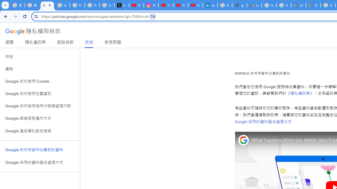  What do you see at coordinates (36, 16) in the screenshot?
I see `'View site information'` at bounding box center [36, 16].